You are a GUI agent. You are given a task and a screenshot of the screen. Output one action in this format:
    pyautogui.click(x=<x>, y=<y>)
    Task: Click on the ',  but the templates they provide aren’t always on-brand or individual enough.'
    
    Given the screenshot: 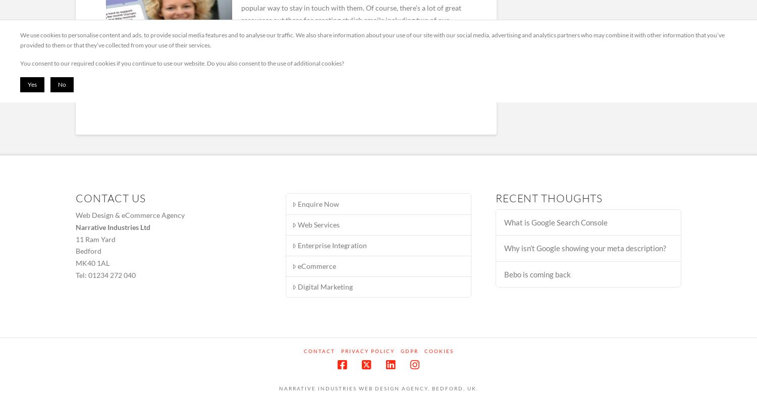 What is the action you would take?
    pyautogui.click(x=241, y=37)
    